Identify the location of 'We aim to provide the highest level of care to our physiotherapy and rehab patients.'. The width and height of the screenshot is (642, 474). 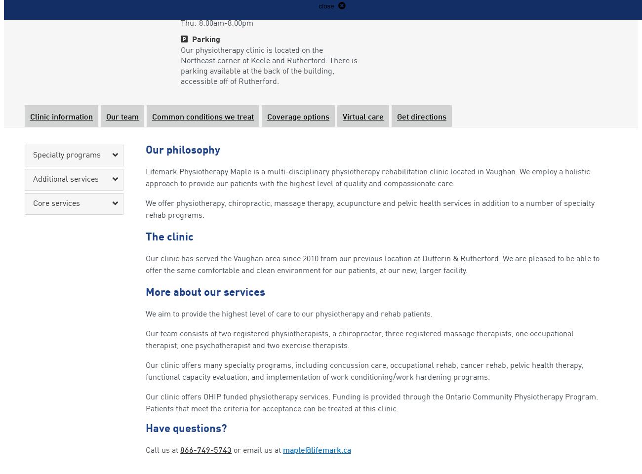
(145, 314).